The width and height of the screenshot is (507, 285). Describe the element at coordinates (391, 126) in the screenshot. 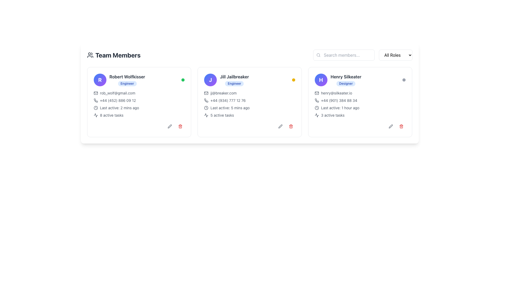

I see `the pen-shaped icon located at the bottom-right corner of Henry Silkeater's user card` at that location.